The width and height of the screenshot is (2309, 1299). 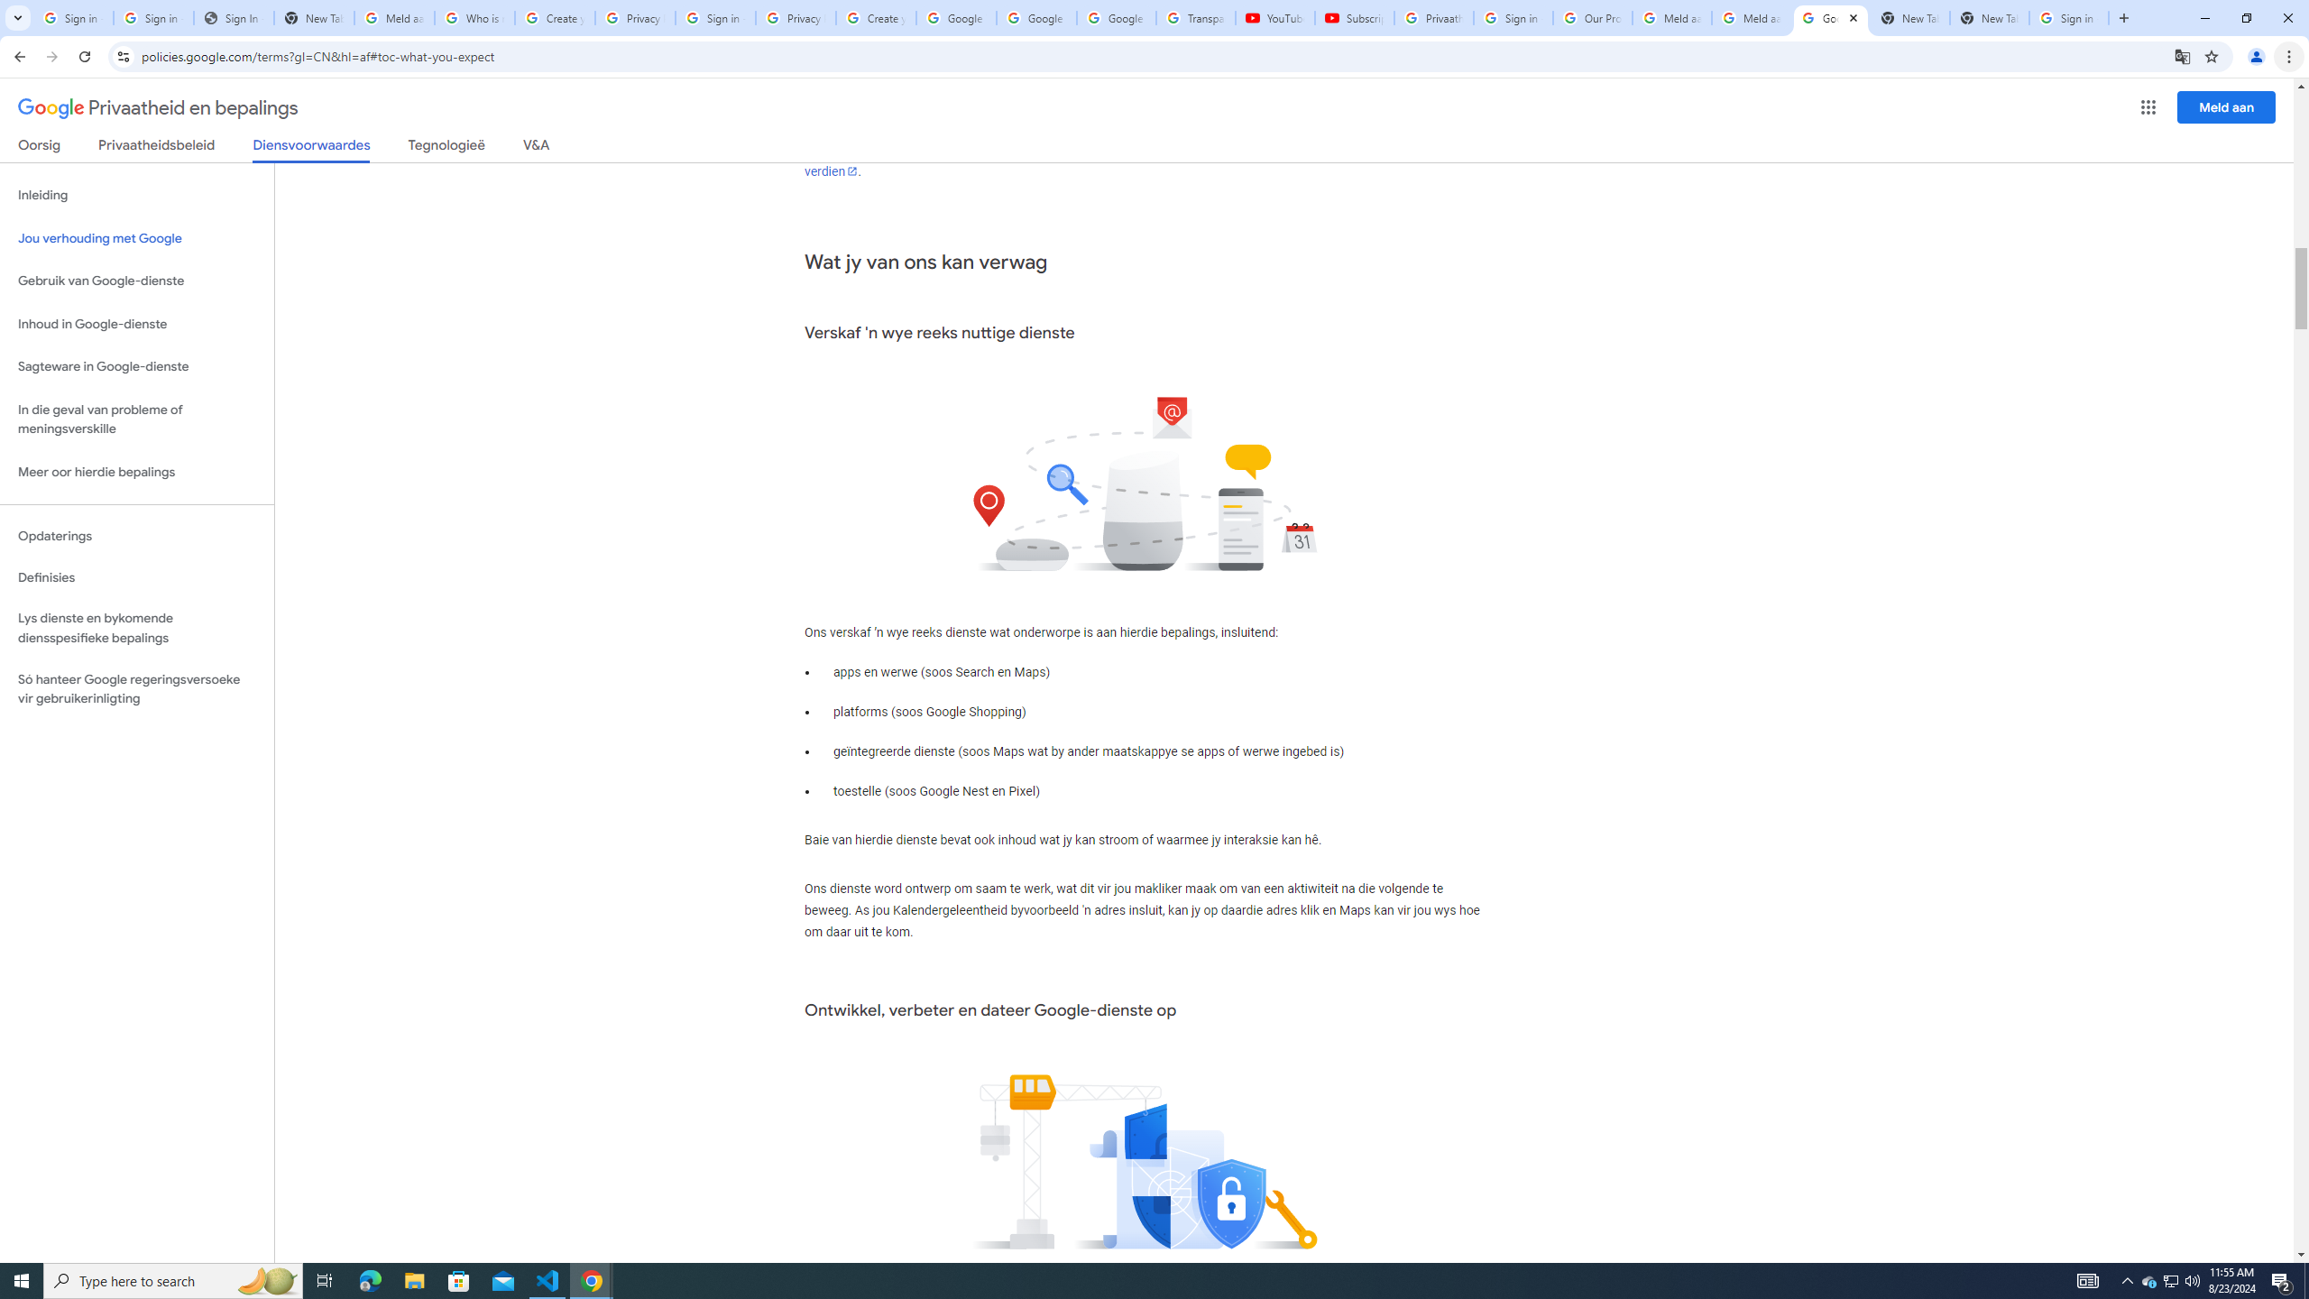 What do you see at coordinates (534, 148) in the screenshot?
I see `'V&A'` at bounding box center [534, 148].